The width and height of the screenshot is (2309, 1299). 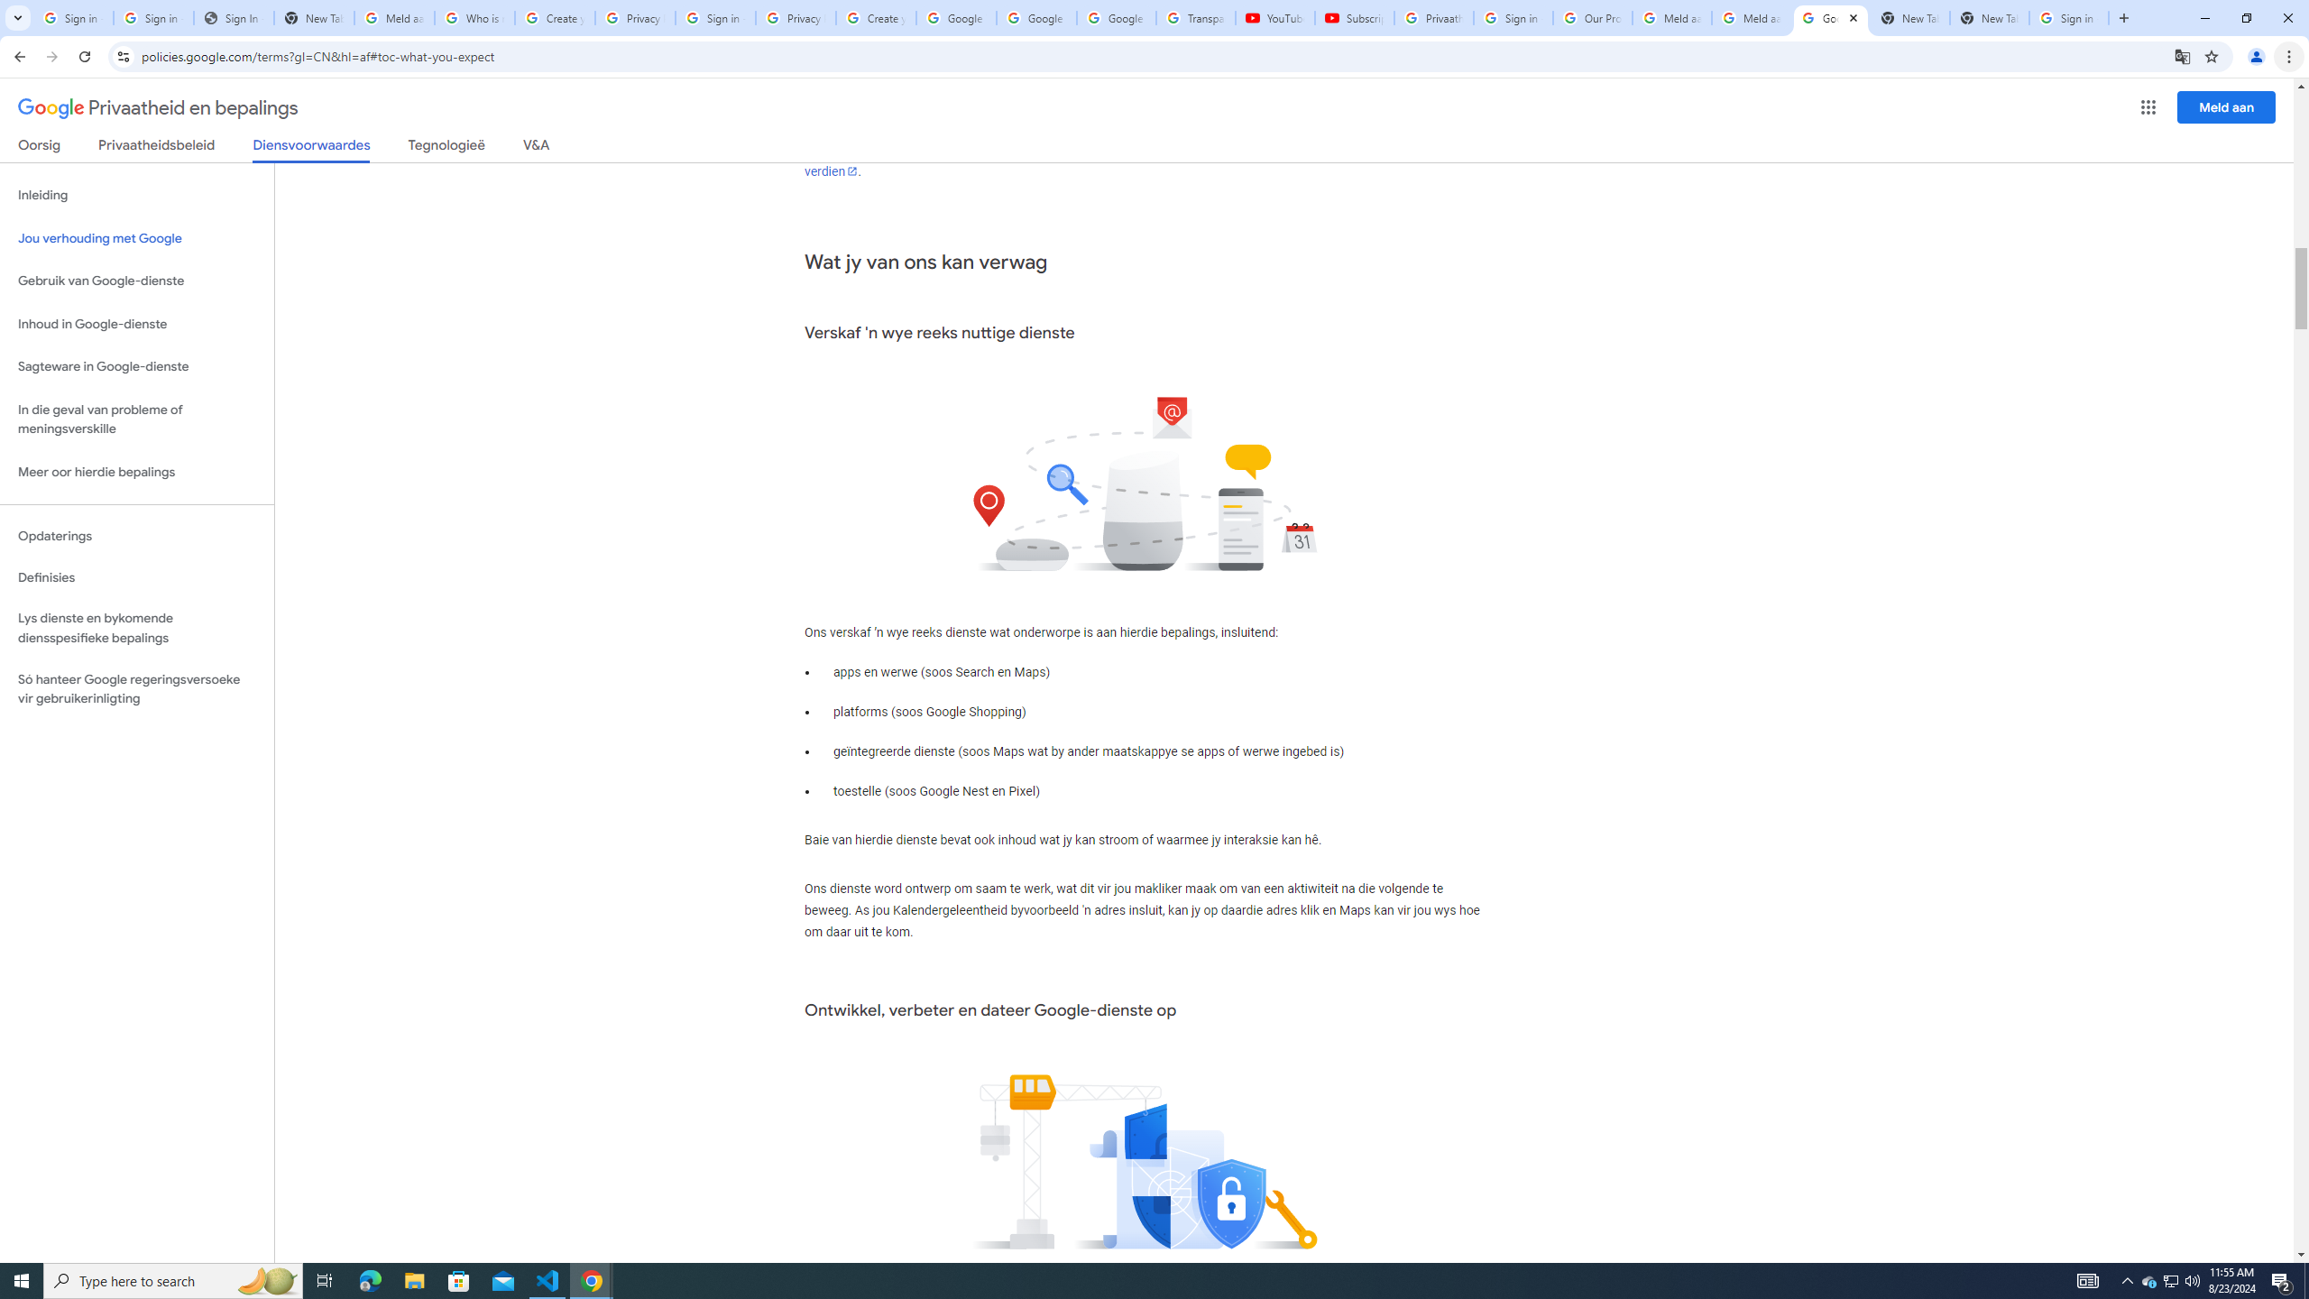 What do you see at coordinates (534, 148) in the screenshot?
I see `'V&A'` at bounding box center [534, 148].